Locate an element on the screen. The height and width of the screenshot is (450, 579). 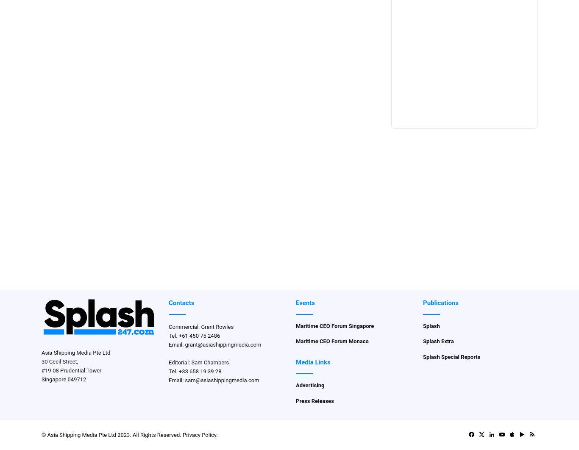
'Asia Shipping Media Pte Ltd' is located at coordinates (41, 352).